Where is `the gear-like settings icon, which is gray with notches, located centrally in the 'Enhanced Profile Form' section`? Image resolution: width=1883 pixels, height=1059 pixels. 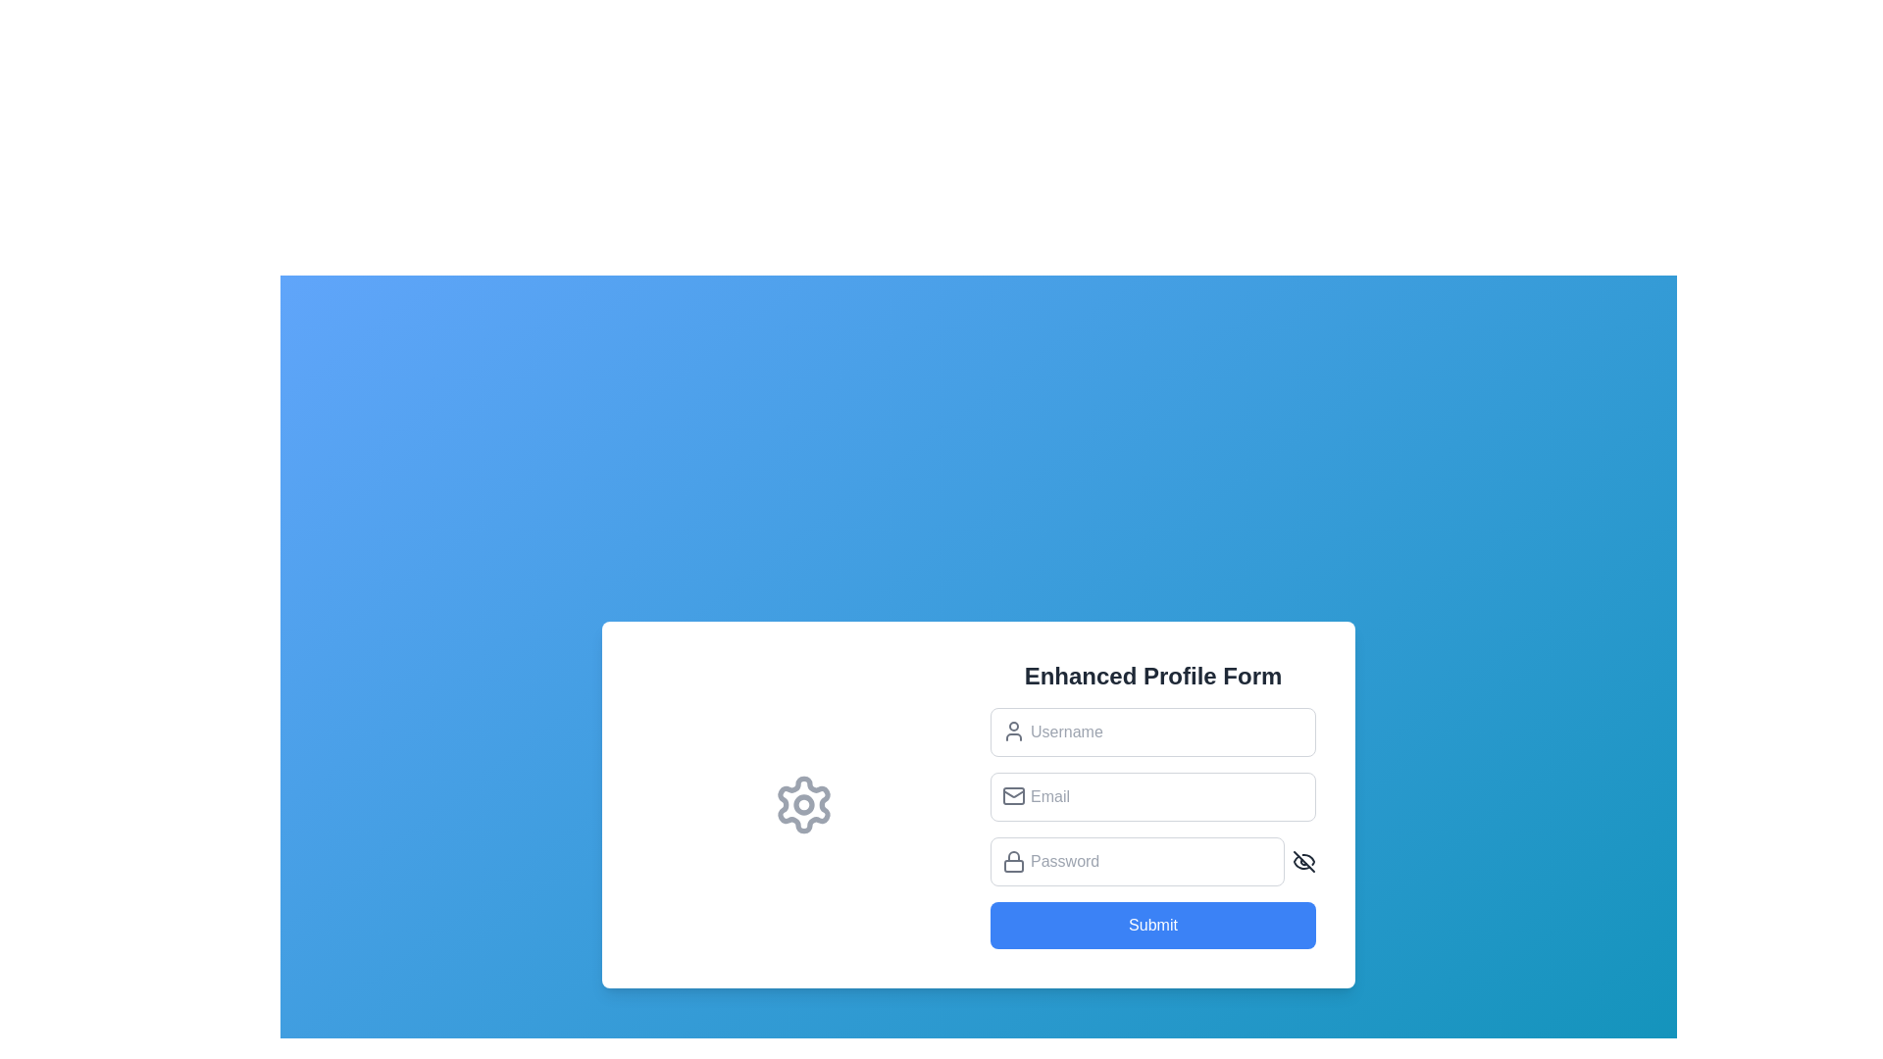 the gear-like settings icon, which is gray with notches, located centrally in the 'Enhanced Profile Form' section is located at coordinates (804, 805).